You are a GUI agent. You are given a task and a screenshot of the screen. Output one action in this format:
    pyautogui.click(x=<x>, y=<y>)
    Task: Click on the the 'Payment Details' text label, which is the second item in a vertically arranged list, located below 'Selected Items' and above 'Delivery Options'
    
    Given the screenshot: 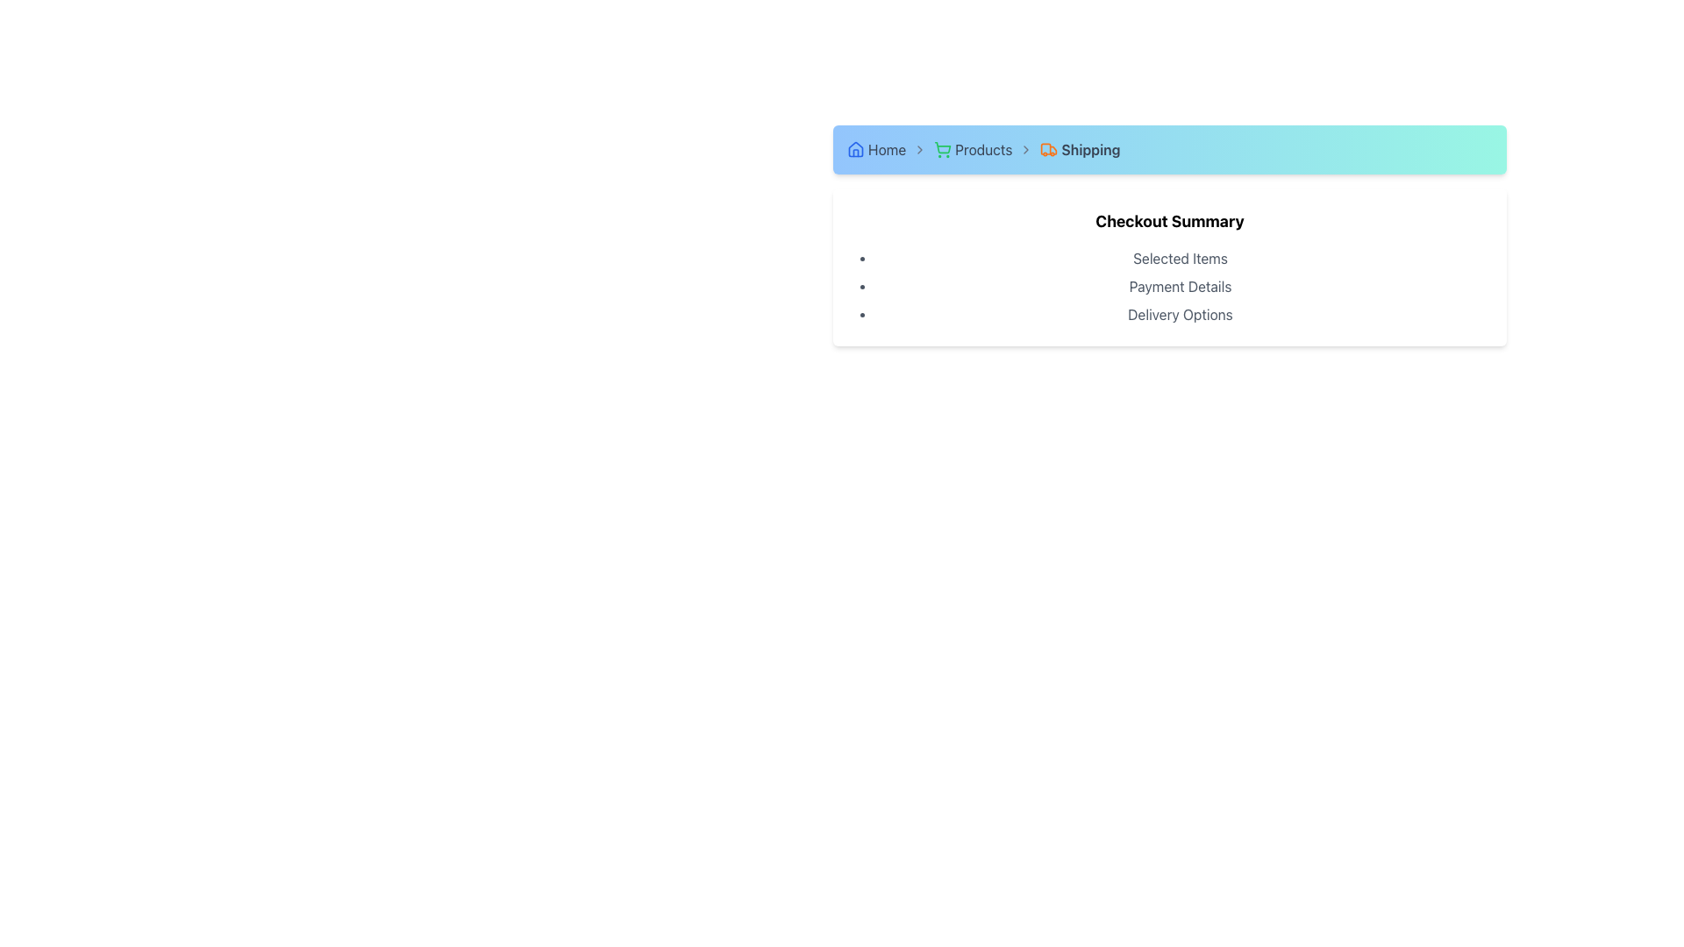 What is the action you would take?
    pyautogui.click(x=1180, y=286)
    